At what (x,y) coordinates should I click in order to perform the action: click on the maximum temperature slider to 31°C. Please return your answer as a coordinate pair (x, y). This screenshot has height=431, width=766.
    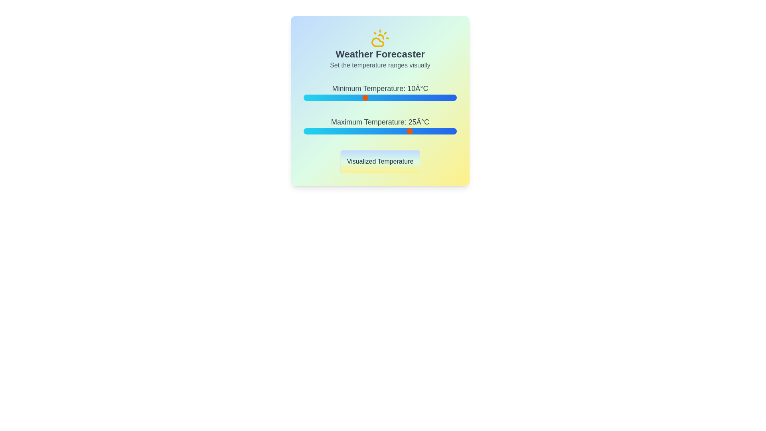
    Looking at the image, I should click on (428, 130).